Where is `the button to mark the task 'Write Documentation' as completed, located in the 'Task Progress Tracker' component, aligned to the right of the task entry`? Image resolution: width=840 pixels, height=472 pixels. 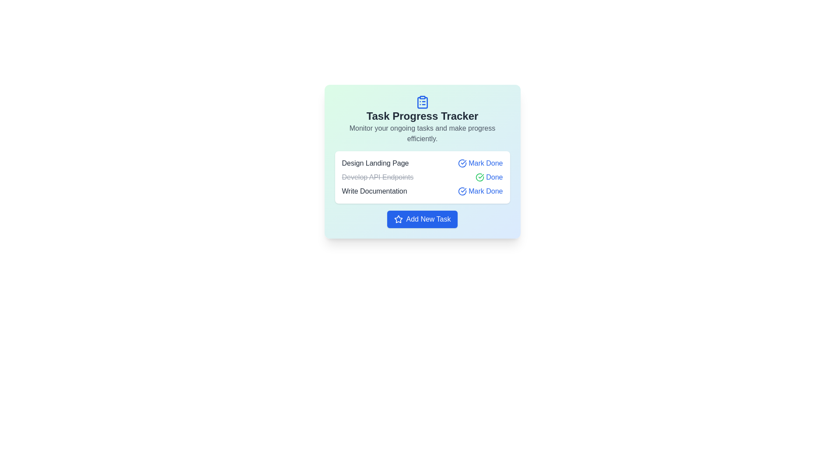 the button to mark the task 'Write Documentation' as completed, located in the 'Task Progress Tracker' component, aligned to the right of the task entry is located at coordinates (480, 191).